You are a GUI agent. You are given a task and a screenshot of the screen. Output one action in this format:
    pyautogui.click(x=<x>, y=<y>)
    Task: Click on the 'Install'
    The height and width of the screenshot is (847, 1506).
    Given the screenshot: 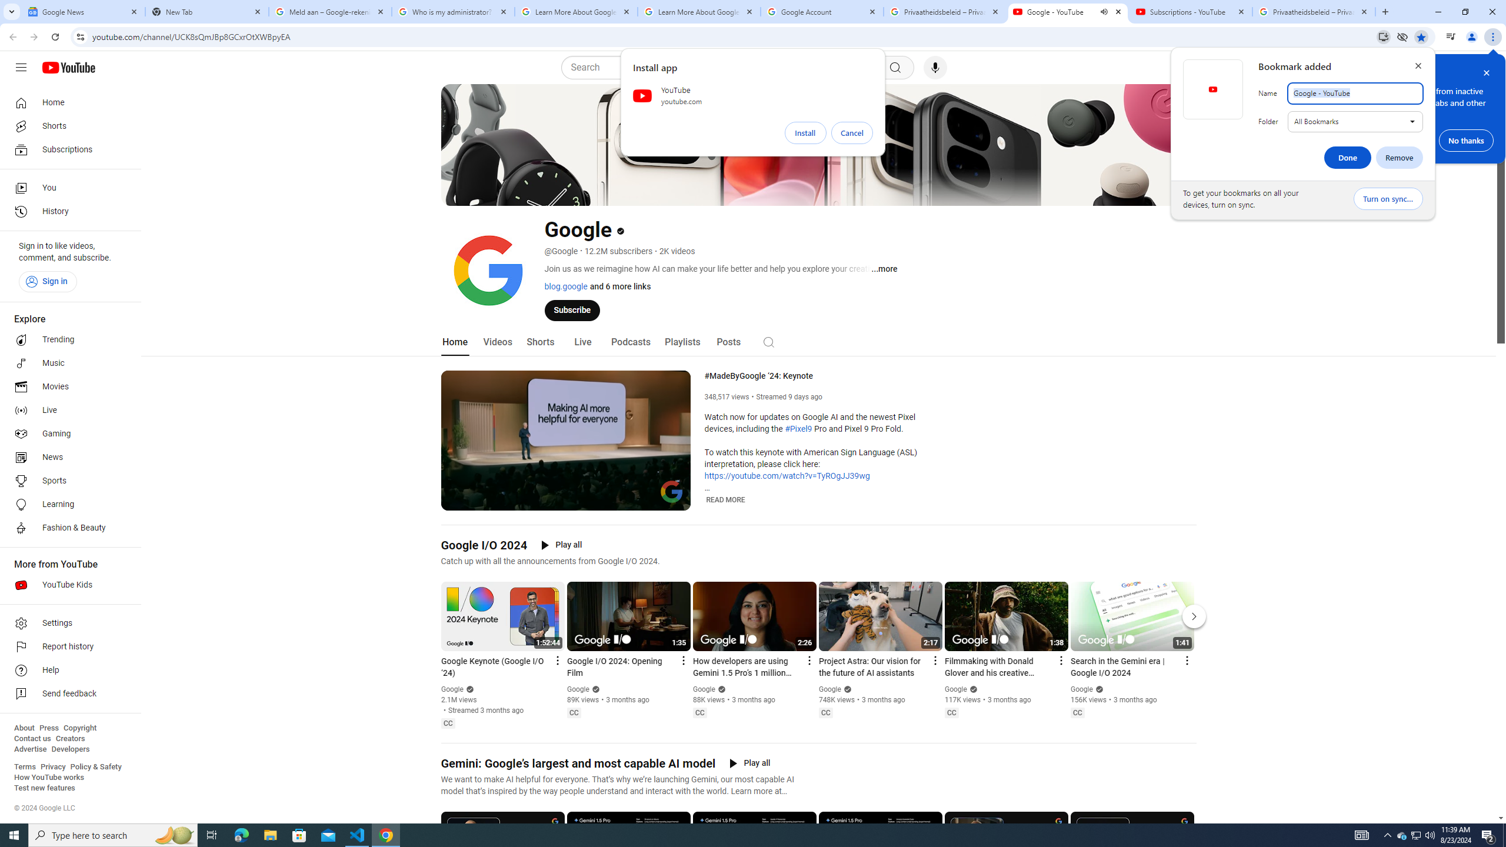 What is the action you would take?
    pyautogui.click(x=805, y=132)
    